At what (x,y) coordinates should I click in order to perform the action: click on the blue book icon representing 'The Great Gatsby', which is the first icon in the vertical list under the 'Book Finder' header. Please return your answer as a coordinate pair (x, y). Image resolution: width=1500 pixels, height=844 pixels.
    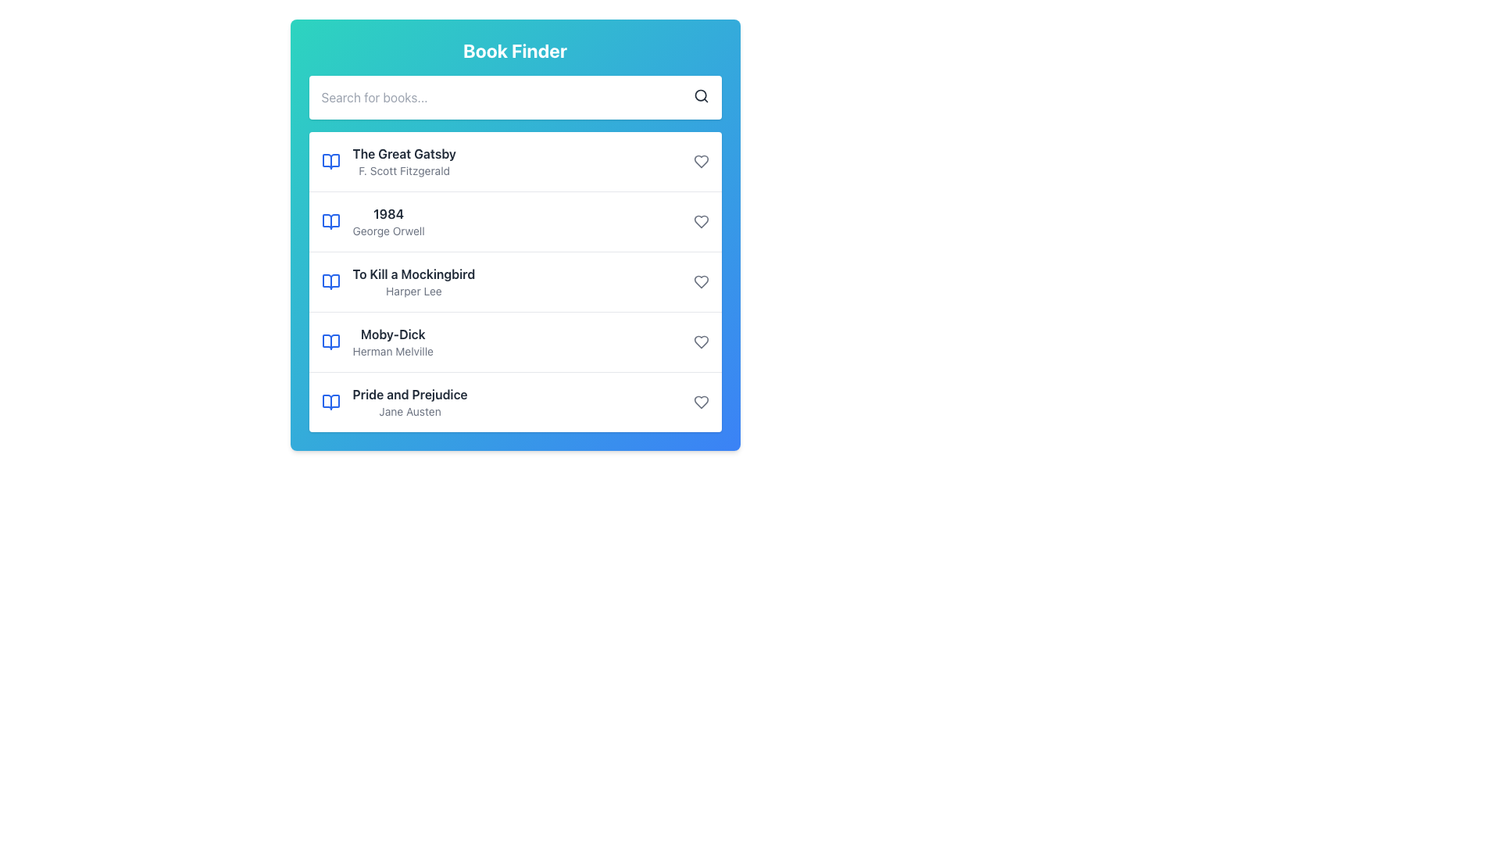
    Looking at the image, I should click on (330, 162).